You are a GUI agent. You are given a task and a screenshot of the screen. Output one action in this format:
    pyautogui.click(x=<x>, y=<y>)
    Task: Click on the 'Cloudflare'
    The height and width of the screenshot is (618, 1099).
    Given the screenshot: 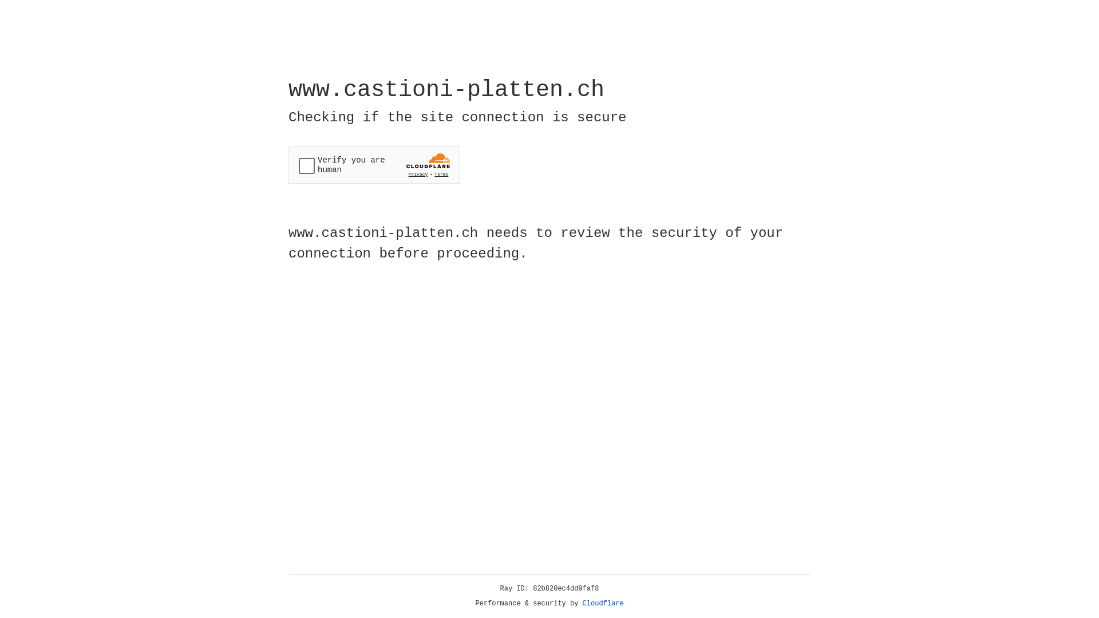 What is the action you would take?
    pyautogui.click(x=603, y=603)
    